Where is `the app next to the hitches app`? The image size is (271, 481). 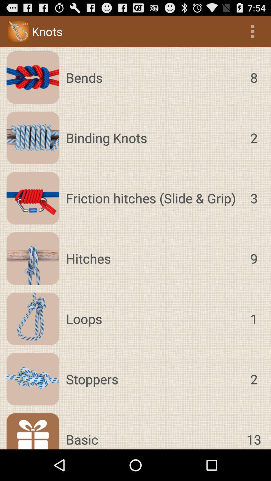 the app next to the hitches app is located at coordinates (254, 259).